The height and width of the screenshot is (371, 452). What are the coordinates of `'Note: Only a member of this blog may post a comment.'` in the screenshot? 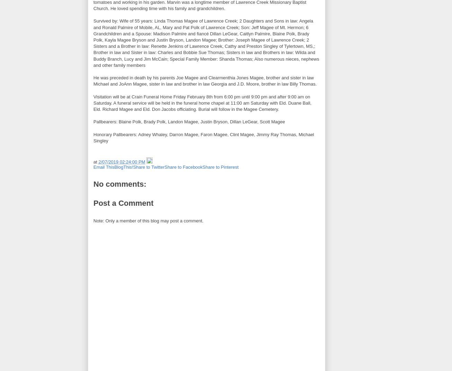 It's located at (148, 220).